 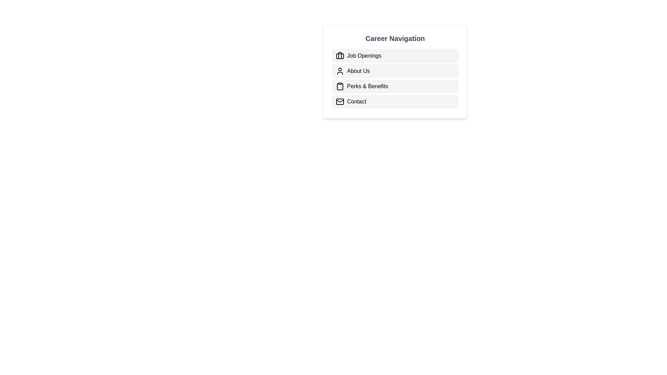 I want to click on the rectangle shape inside the briefcase icon representing 'Job Openings' in the first row of the navigation menu, so click(x=340, y=56).